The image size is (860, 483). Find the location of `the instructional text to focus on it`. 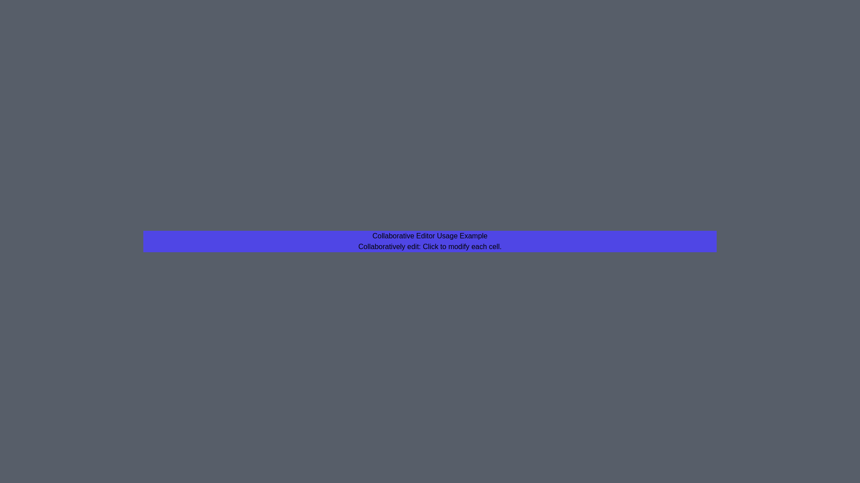

the instructional text to focus on it is located at coordinates (430, 246).